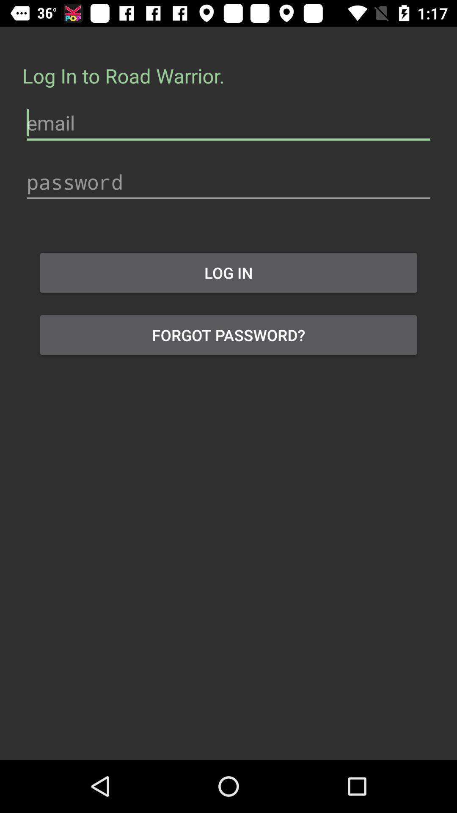 The image size is (457, 813). I want to click on the forgot password? icon, so click(228, 335).